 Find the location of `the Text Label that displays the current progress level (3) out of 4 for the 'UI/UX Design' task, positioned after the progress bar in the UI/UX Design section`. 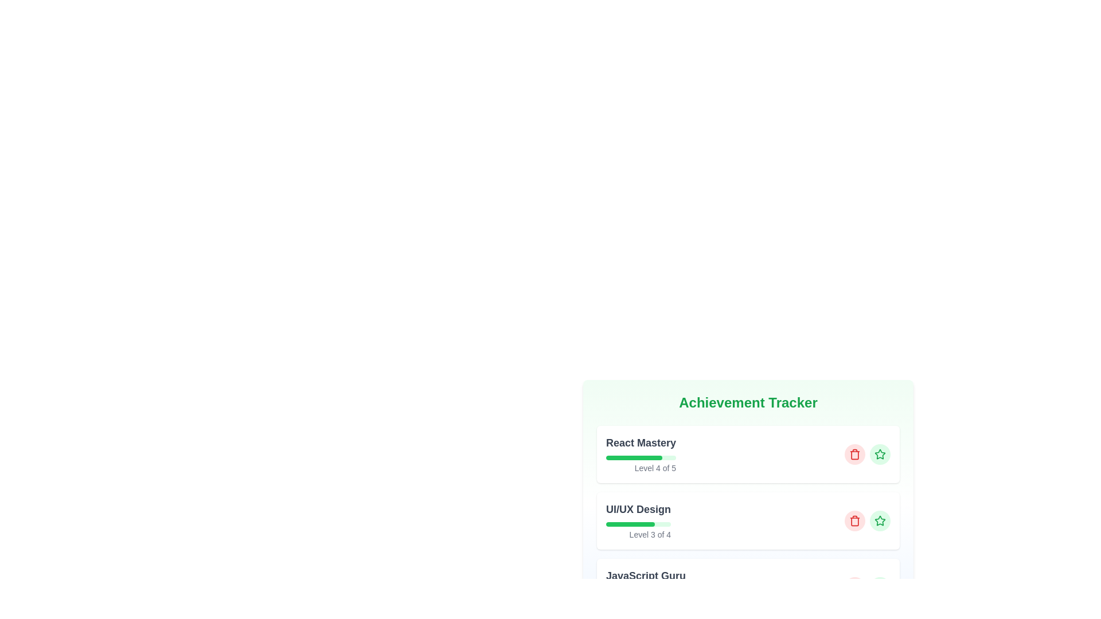

the Text Label that displays the current progress level (3) out of 4 for the 'UI/UX Design' task, positioned after the progress bar in the UI/UX Design section is located at coordinates (638, 535).